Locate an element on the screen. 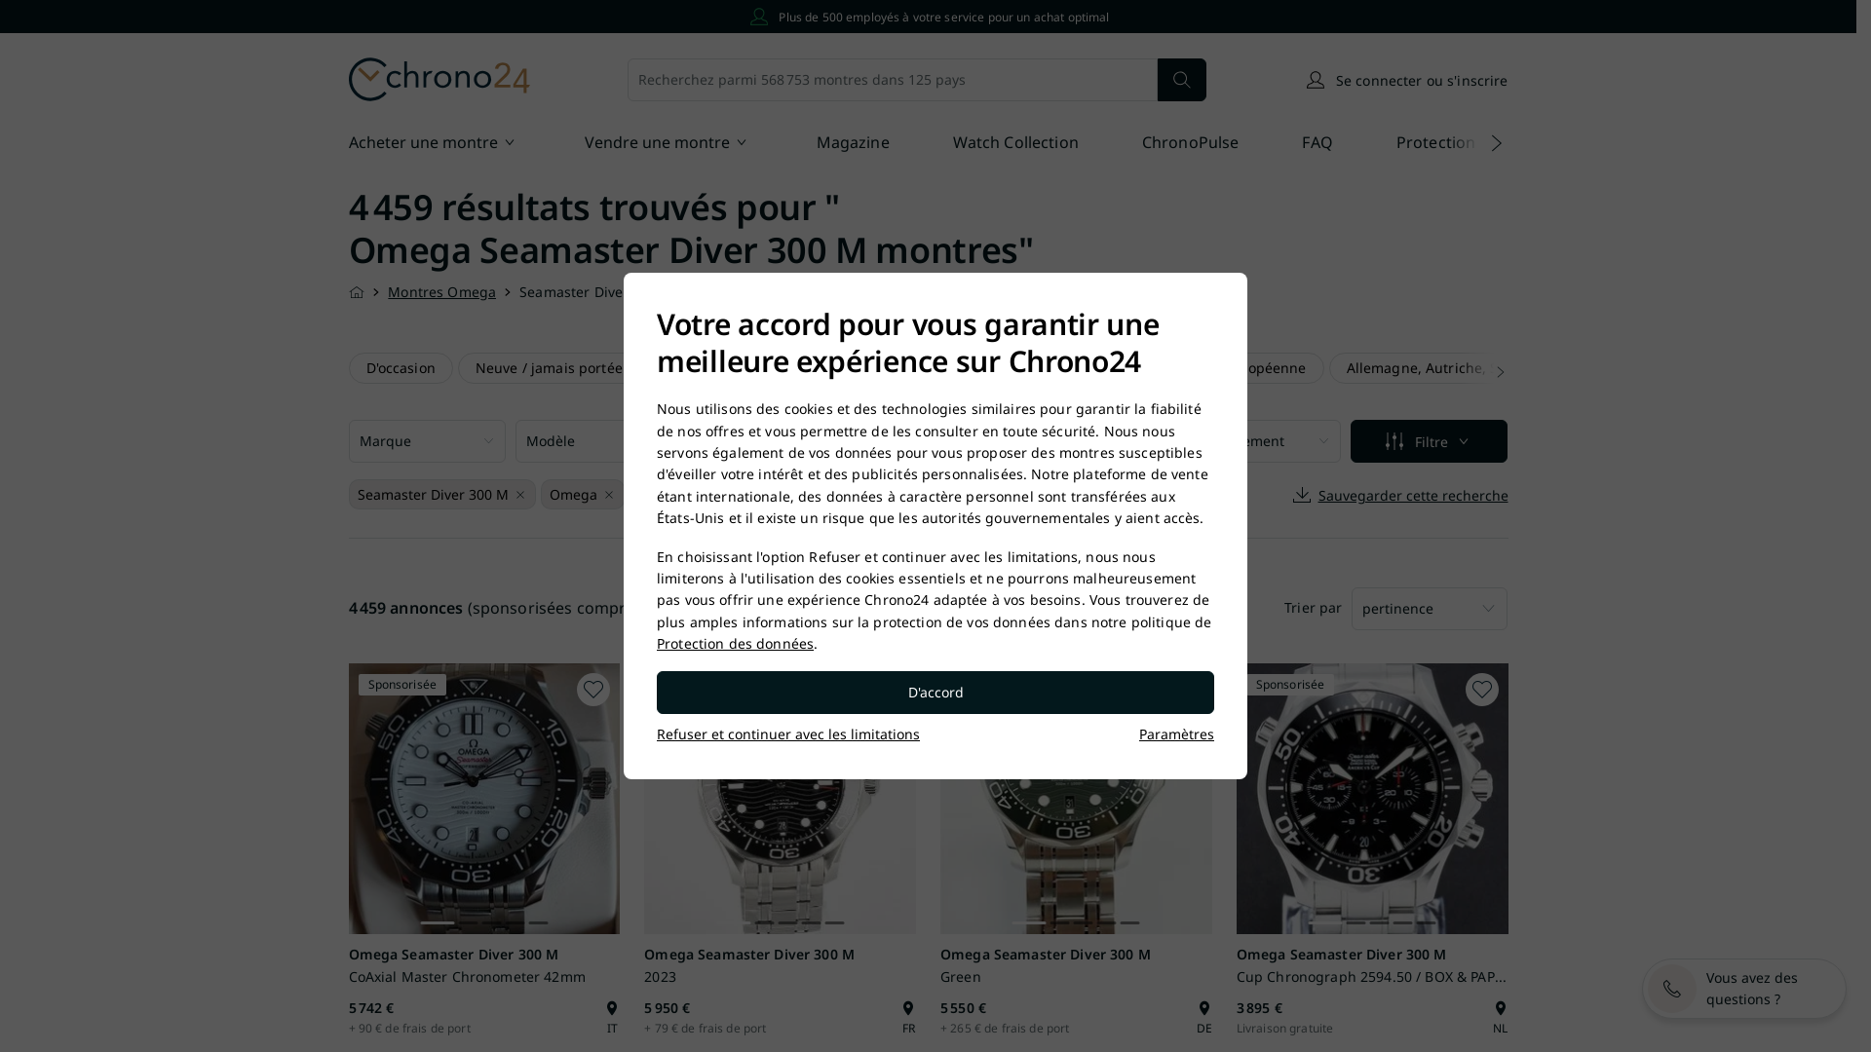 The image size is (1871, 1052). 'Sauvegarder cette recherche' is located at coordinates (1397, 494).